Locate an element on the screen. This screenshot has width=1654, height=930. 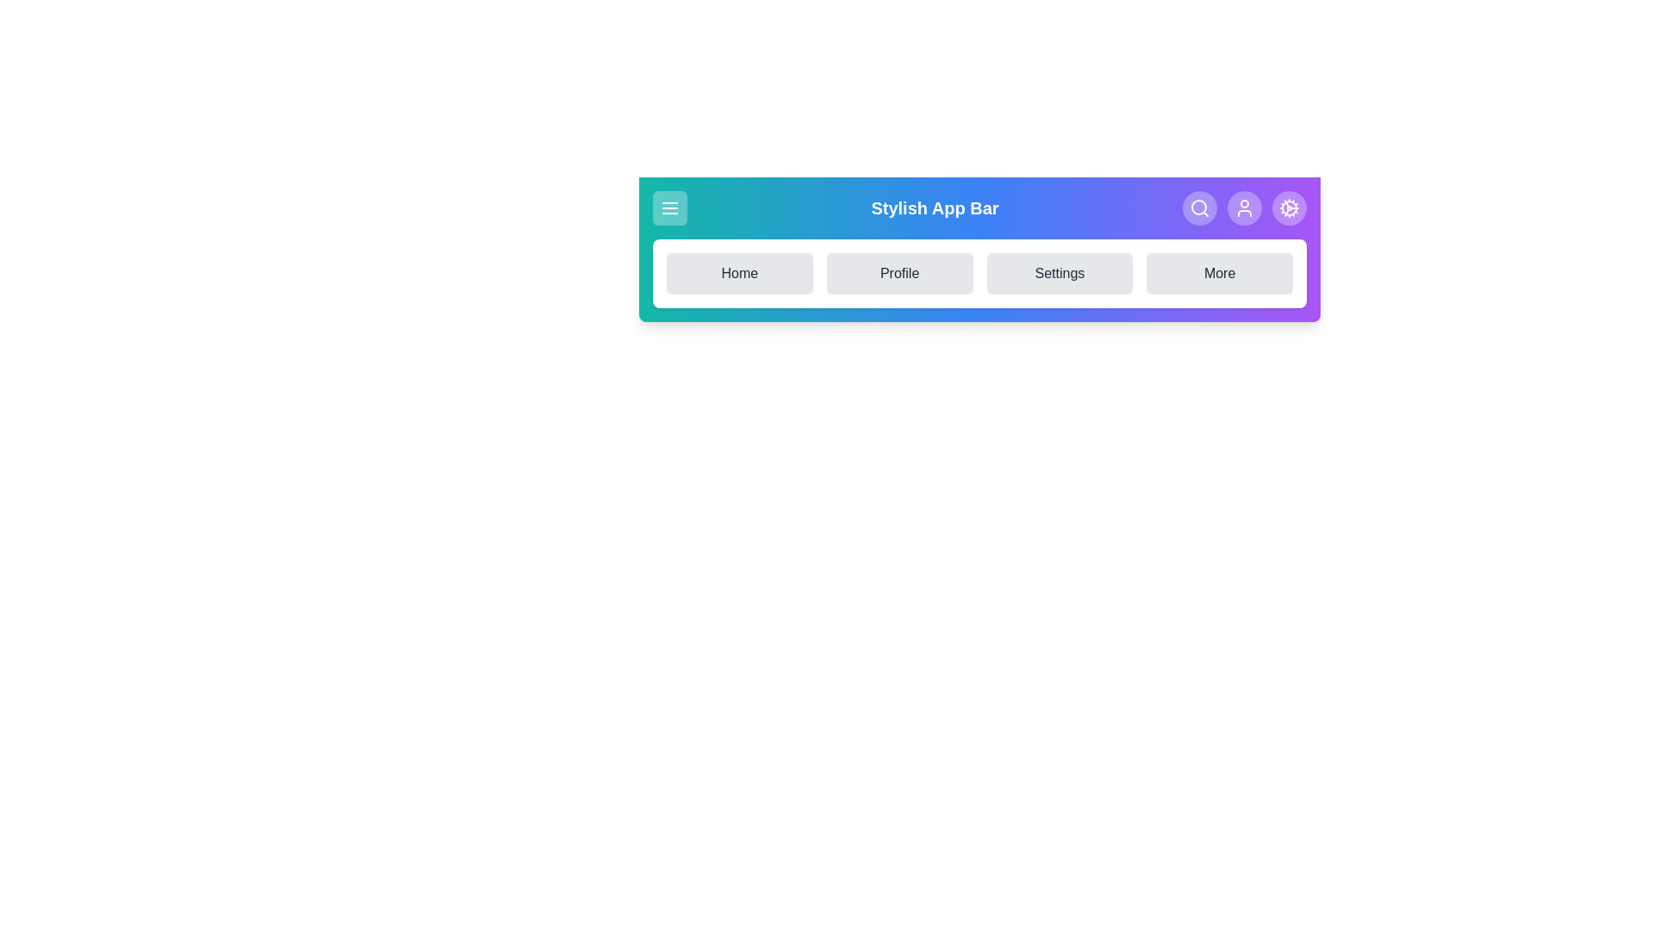
the Home navigation option is located at coordinates (739, 272).